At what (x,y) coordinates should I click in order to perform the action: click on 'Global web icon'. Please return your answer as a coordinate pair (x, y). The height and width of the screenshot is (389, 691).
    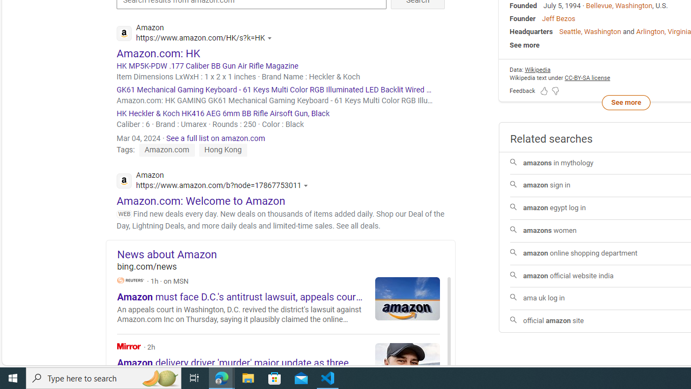
    Looking at the image, I should click on (124, 180).